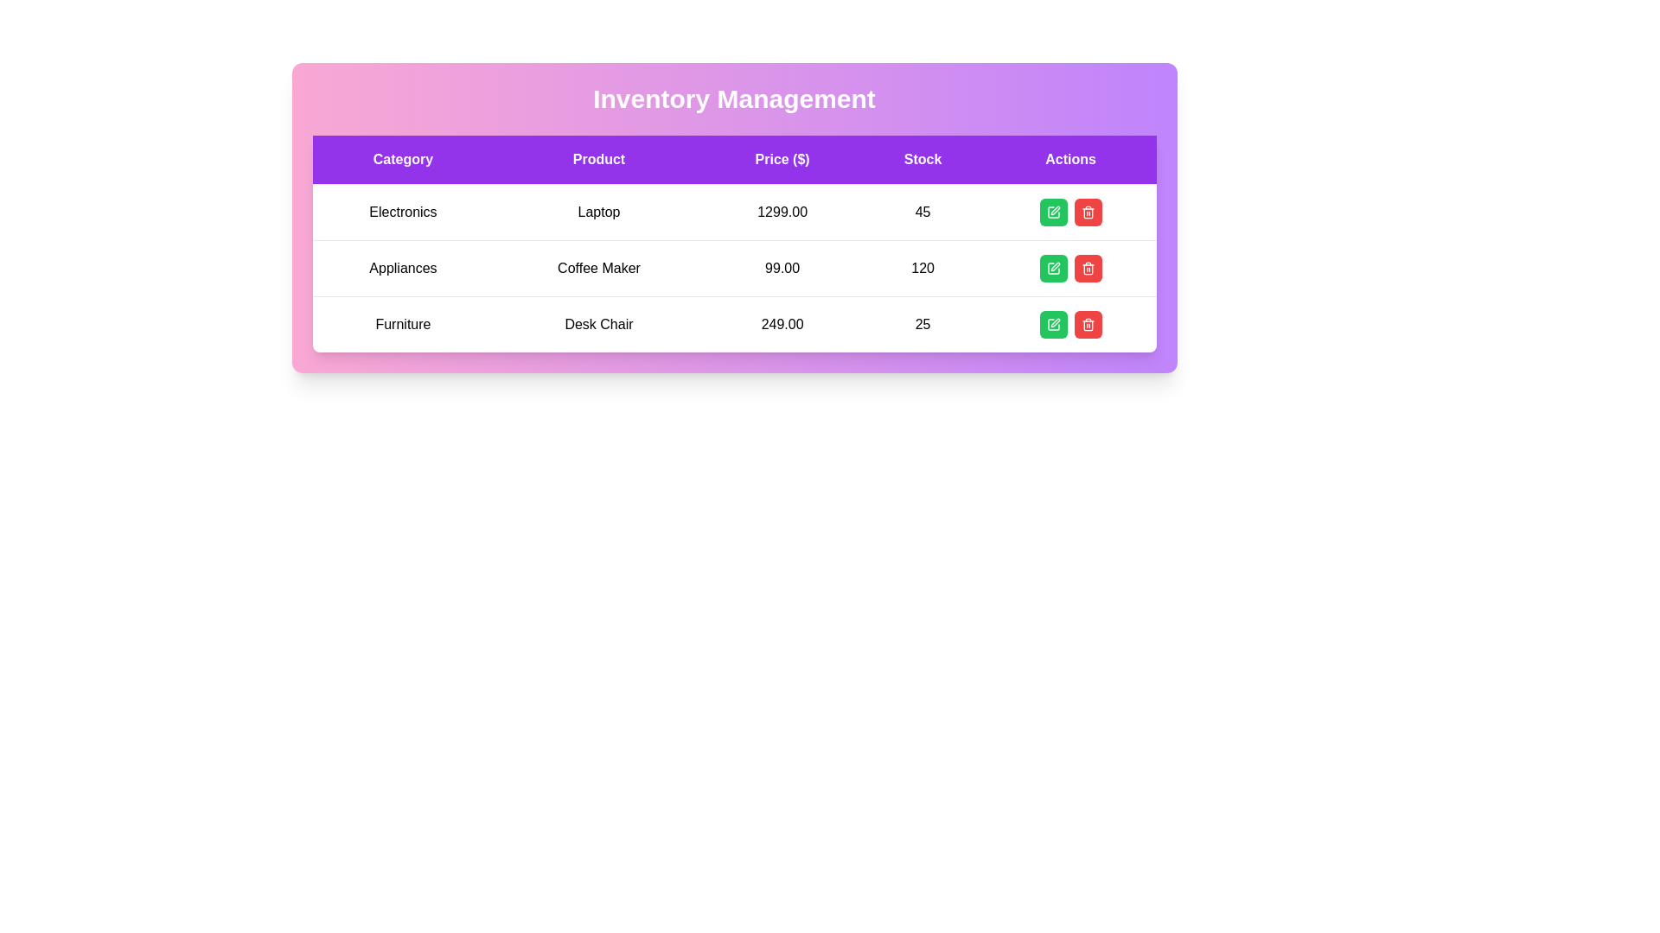 The width and height of the screenshot is (1660, 933). Describe the element at coordinates (782, 324) in the screenshot. I see `on the price value of the 'Desk Chair' product located in the third row under the 'Price ($)' column of the inventory table` at that location.